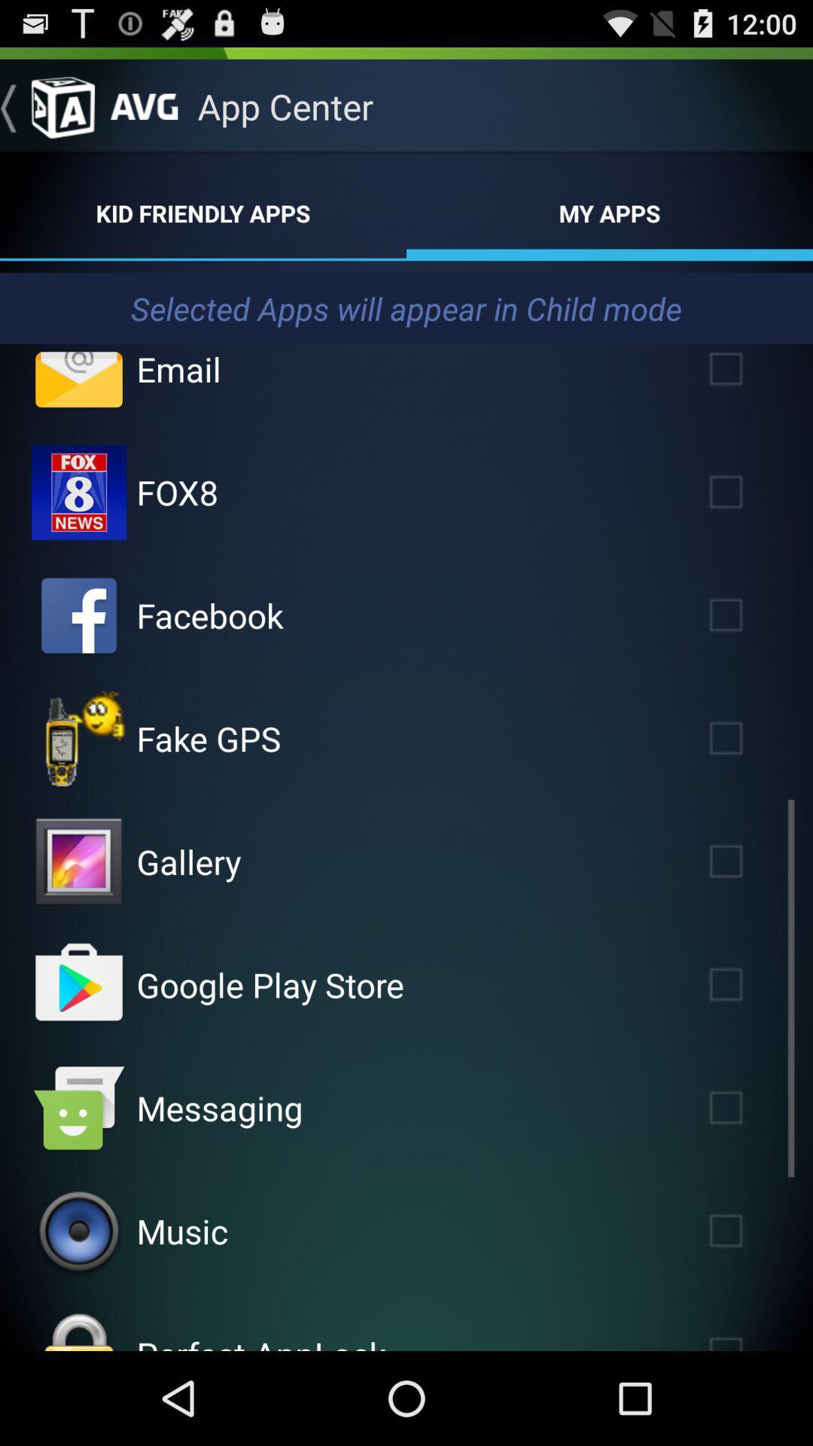  What do you see at coordinates (187, 862) in the screenshot?
I see `gallery icon` at bounding box center [187, 862].